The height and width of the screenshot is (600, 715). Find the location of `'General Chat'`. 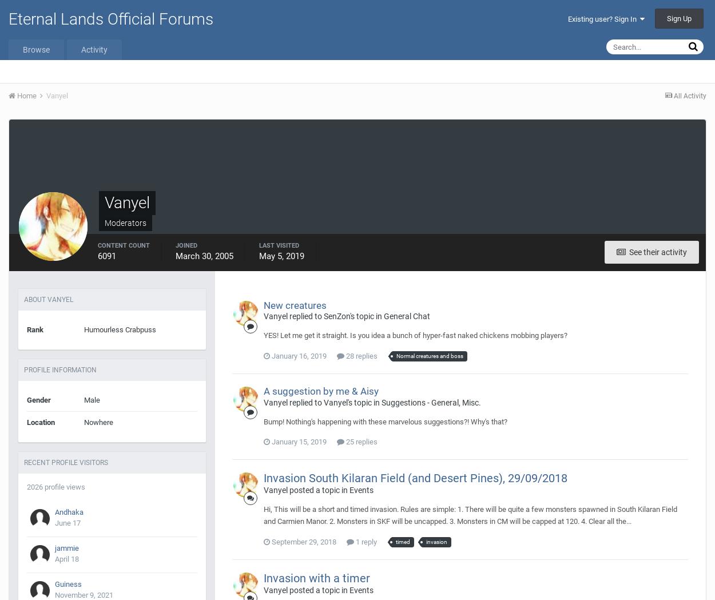

'General Chat' is located at coordinates (406, 316).